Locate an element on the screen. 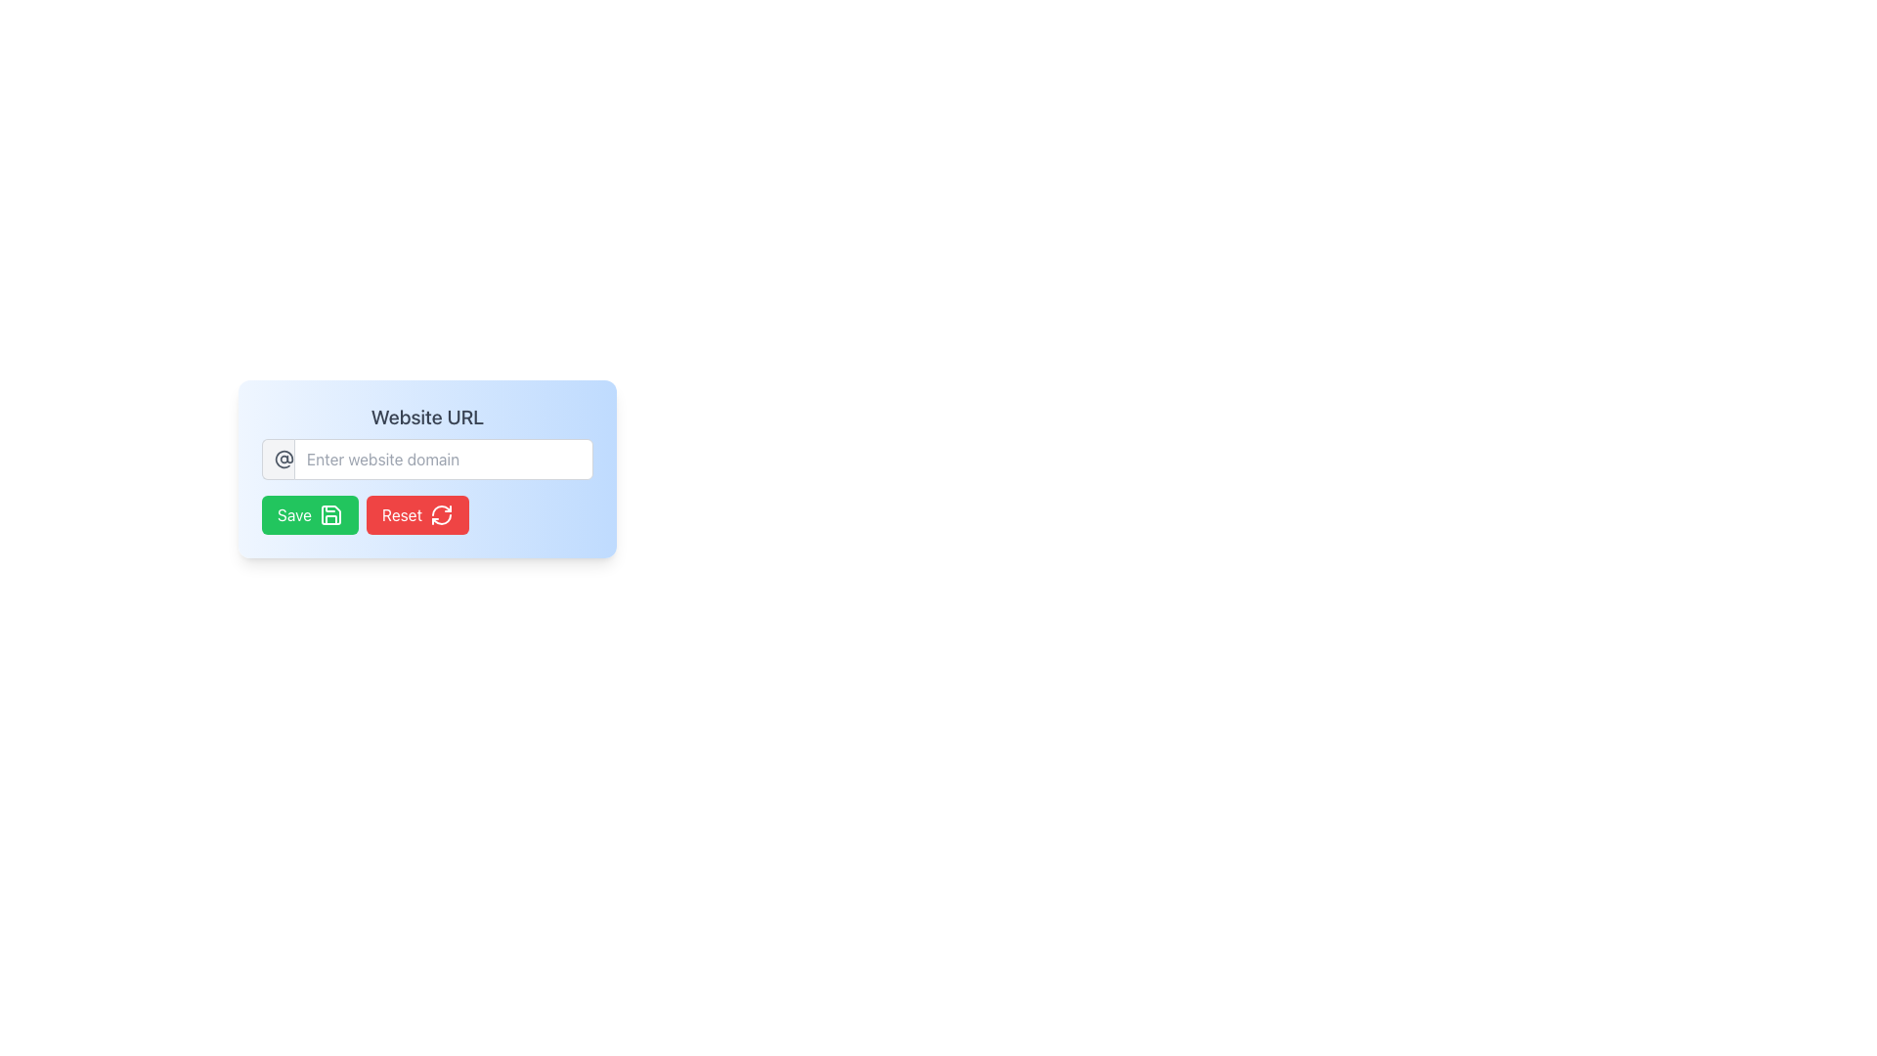 This screenshot has height=1056, width=1877. the 'Reset' button with a red background and white text, located under the label 'Website URL' is located at coordinates (416, 514).